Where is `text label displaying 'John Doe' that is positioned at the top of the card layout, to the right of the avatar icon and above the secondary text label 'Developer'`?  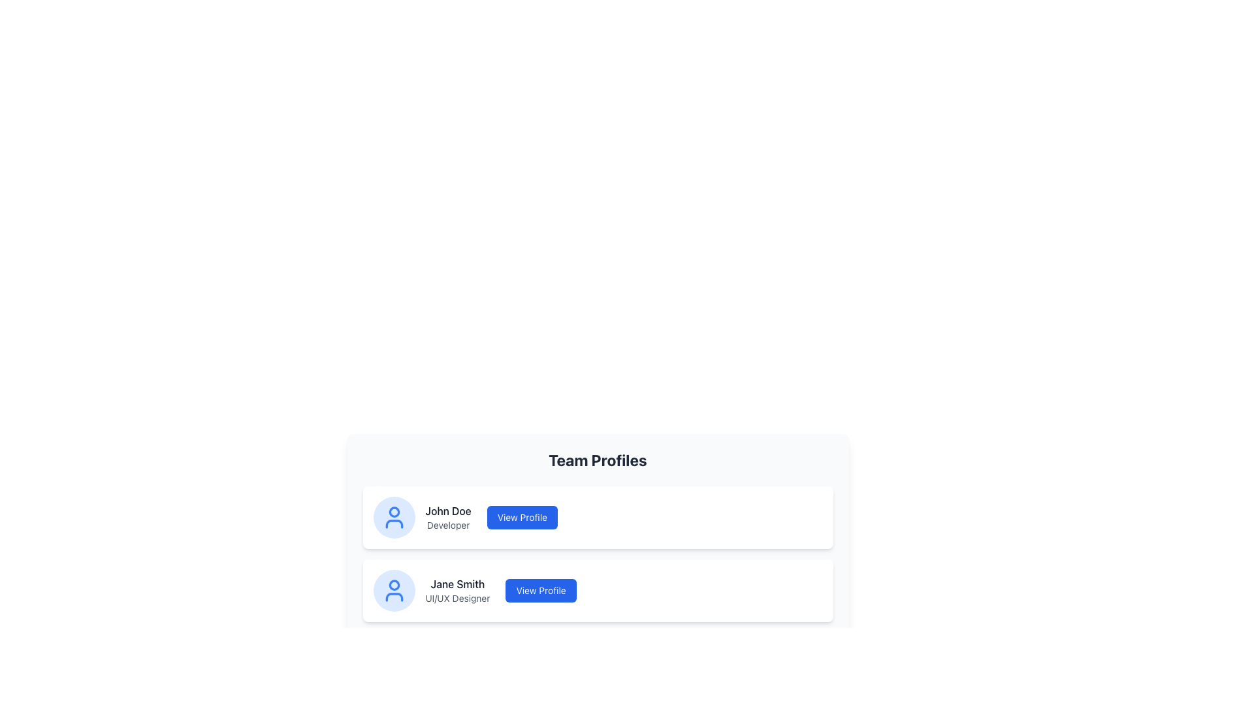
text label displaying 'John Doe' that is positioned at the top of the card layout, to the right of the avatar icon and above the secondary text label 'Developer' is located at coordinates (448, 510).